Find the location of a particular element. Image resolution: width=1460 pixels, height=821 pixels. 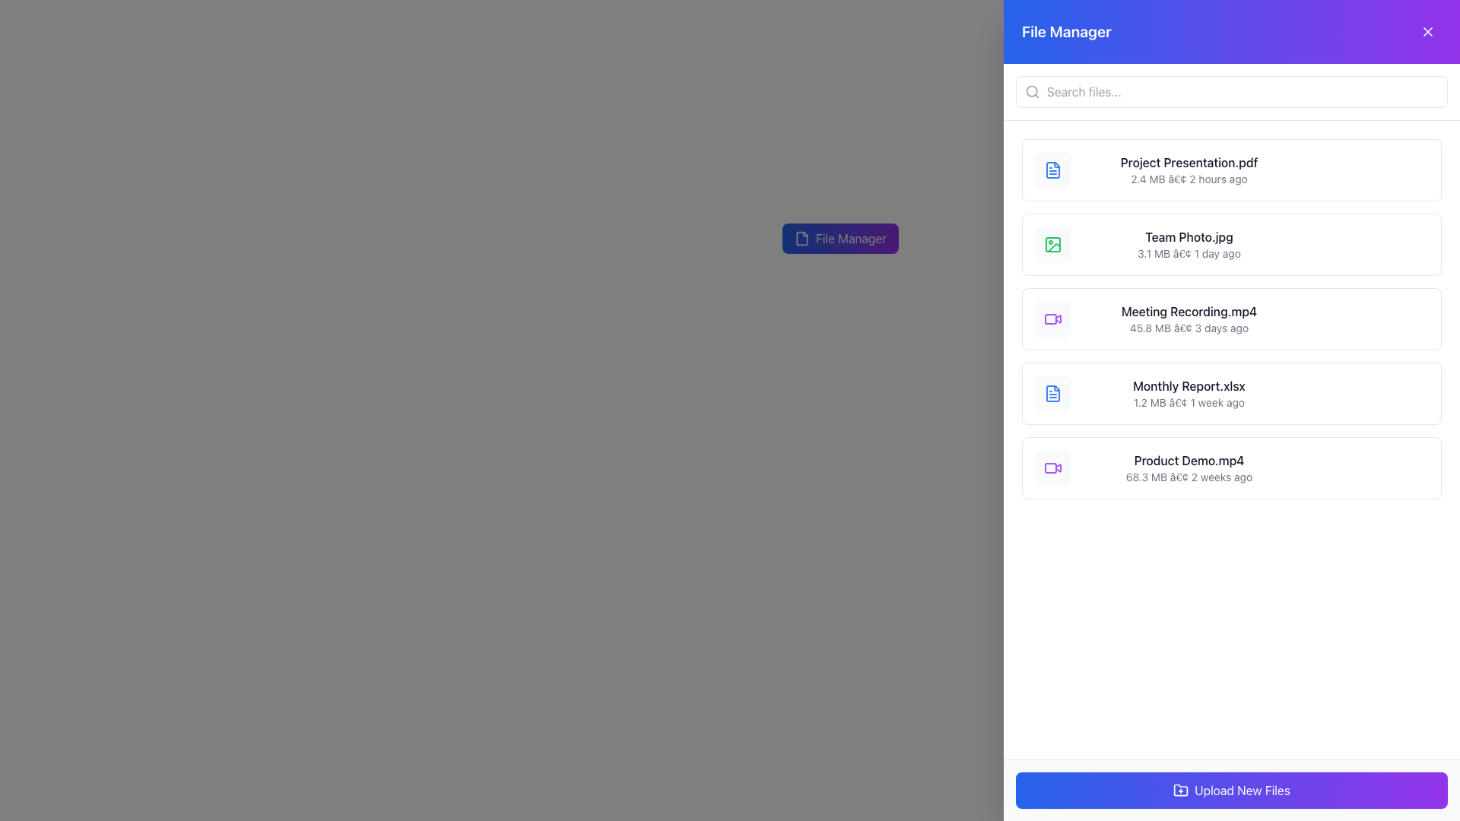

the text label that contains the file description '68.3 MB' and '2 weeks ago', located beneath the file title 'Product Demo.mp4' in the file list is located at coordinates (1189, 477).